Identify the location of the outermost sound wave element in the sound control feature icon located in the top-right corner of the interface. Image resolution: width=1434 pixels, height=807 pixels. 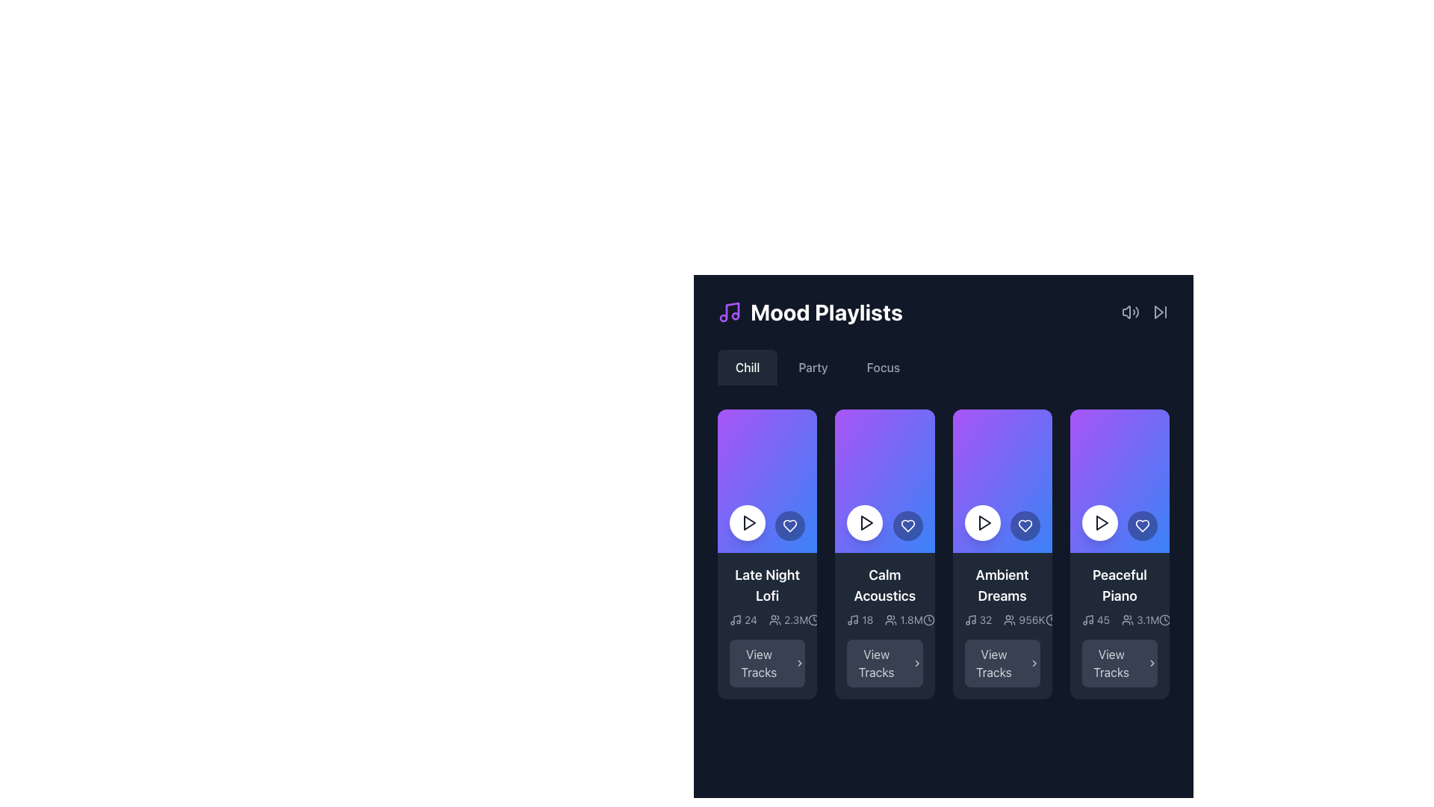
(1136, 311).